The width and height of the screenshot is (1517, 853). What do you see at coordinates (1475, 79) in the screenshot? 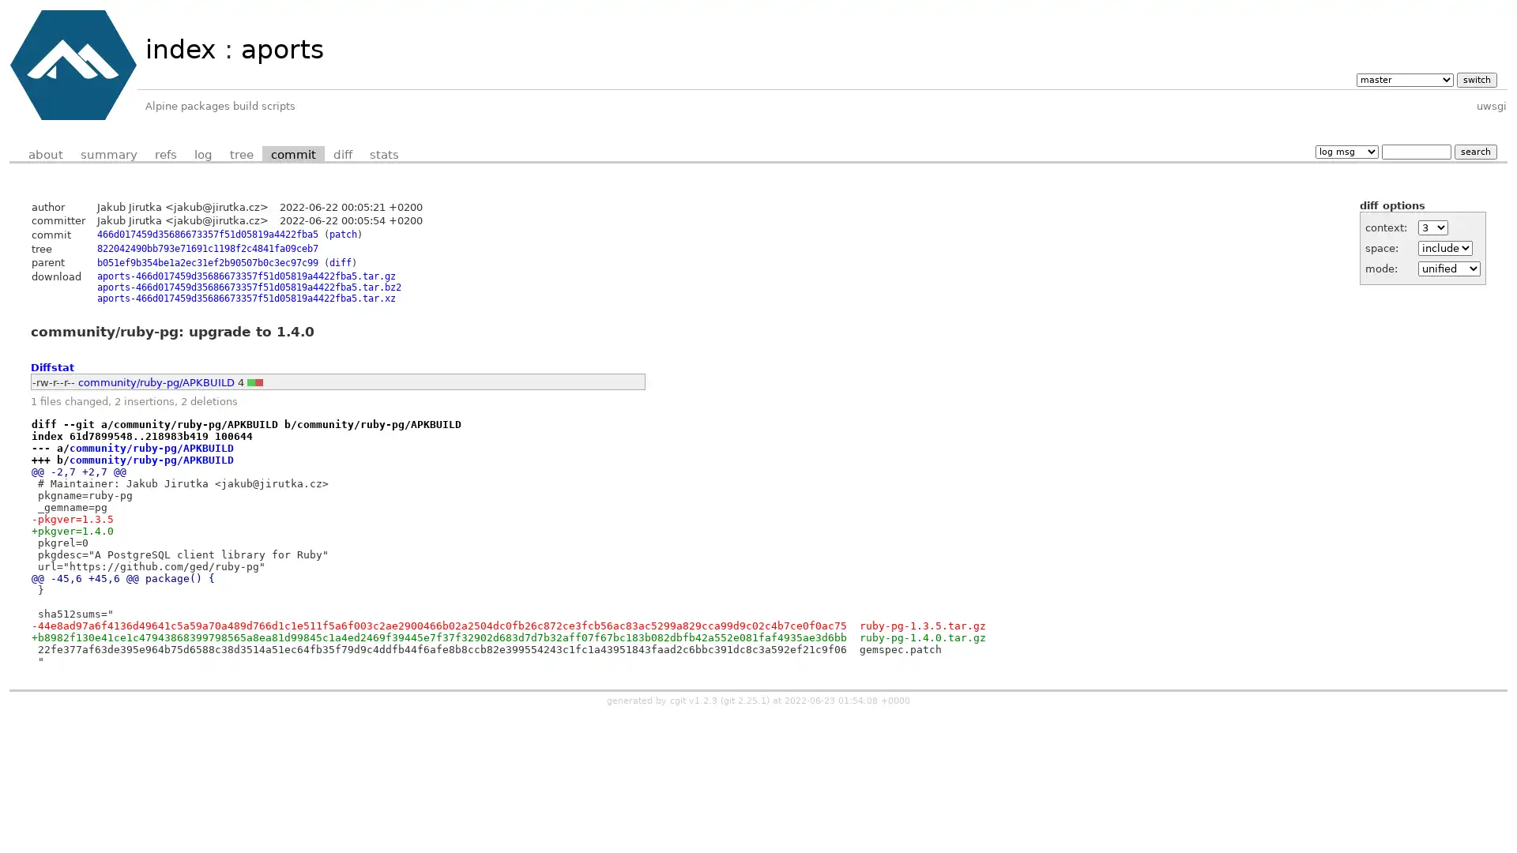
I see `switch` at bounding box center [1475, 79].